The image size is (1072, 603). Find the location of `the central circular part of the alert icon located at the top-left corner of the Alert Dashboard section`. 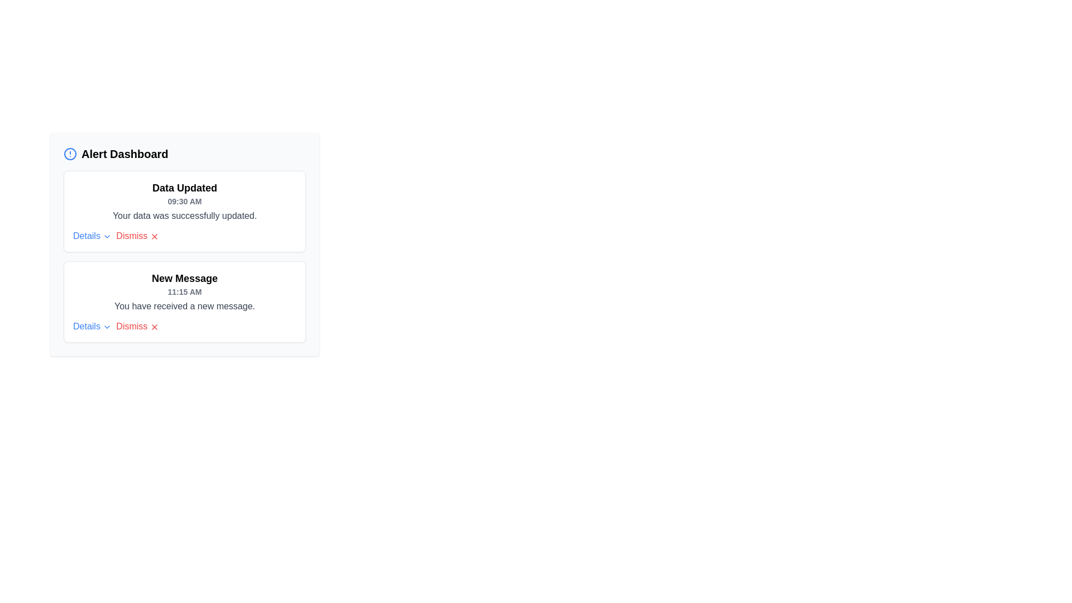

the central circular part of the alert icon located at the top-left corner of the Alert Dashboard section is located at coordinates (69, 154).